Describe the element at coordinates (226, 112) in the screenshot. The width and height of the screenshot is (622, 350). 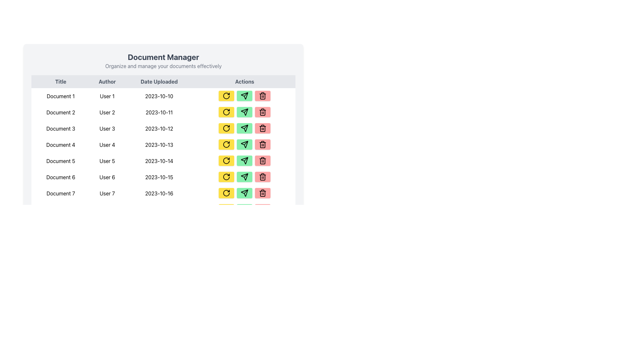
I see `the curved arrow icon with a black stroke inside a yellow circular background, located in the 'Actions' column for 'Document 2'` at that location.